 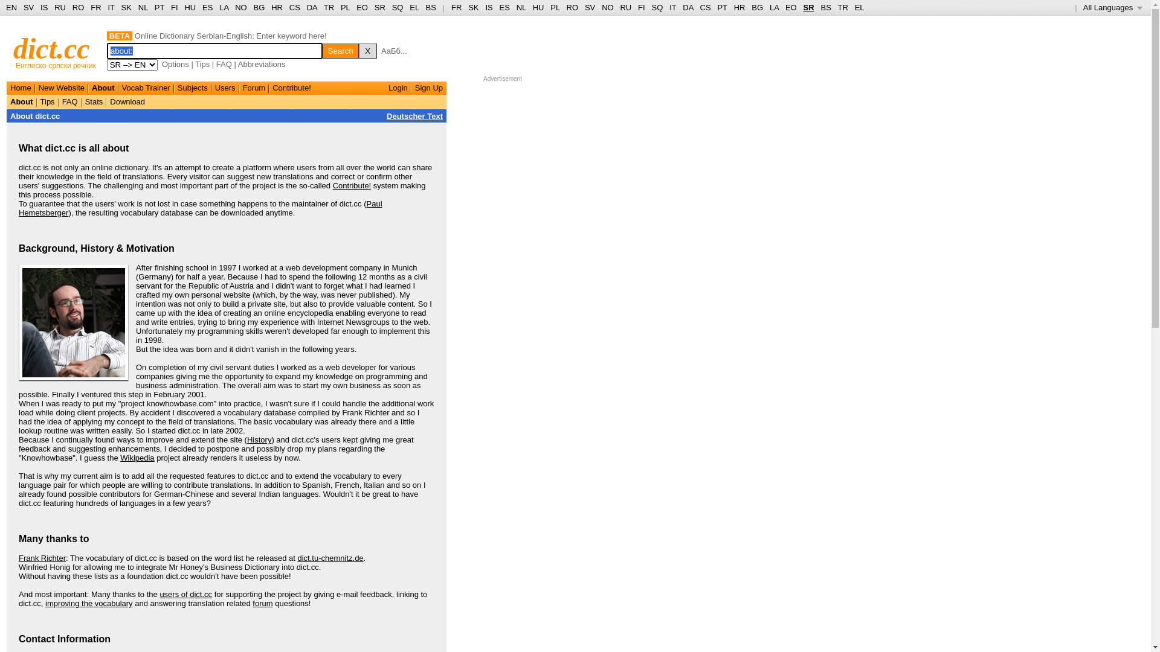 I want to click on 'forum', so click(x=262, y=603).